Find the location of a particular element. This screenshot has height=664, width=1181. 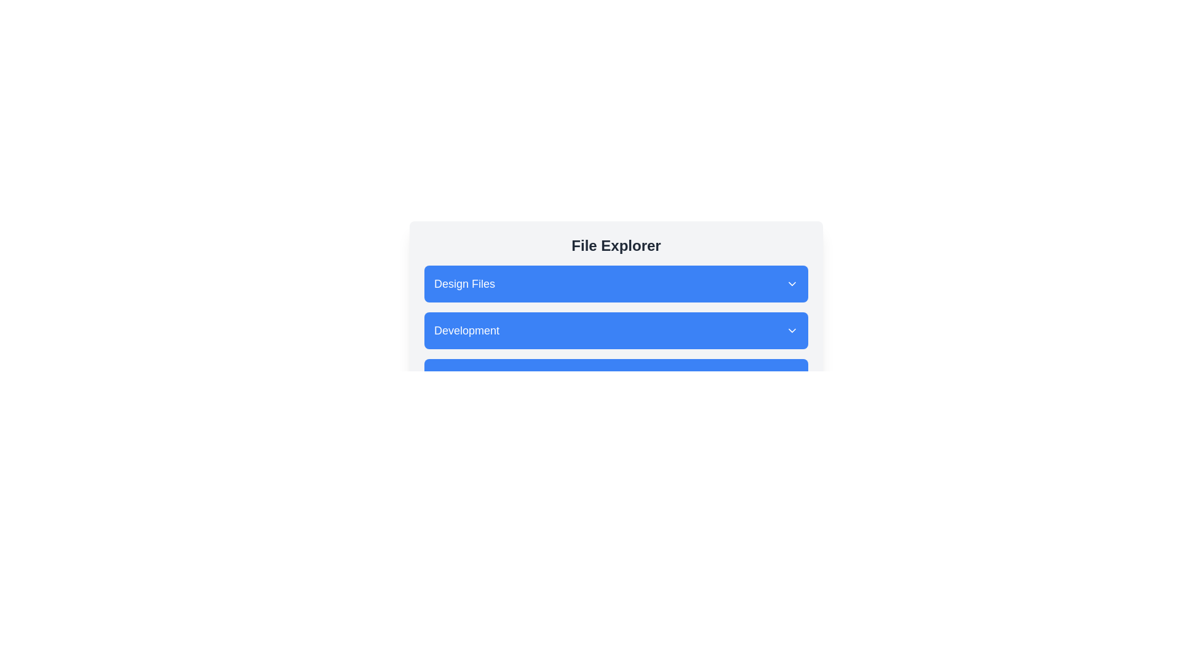

the file named FrontendCode.zip within the folder Design Files is located at coordinates (616, 284).